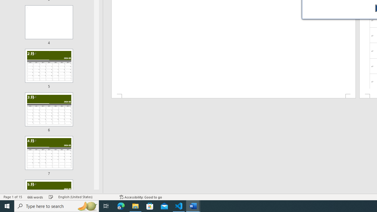 The image size is (377, 212). What do you see at coordinates (233, 96) in the screenshot?
I see `'Footer -Section 1-'` at bounding box center [233, 96].